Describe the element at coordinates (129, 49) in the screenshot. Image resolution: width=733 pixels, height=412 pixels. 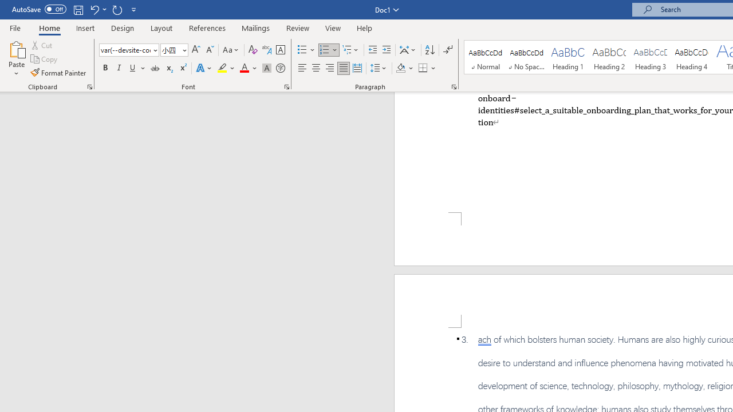
I see `'Font'` at that location.